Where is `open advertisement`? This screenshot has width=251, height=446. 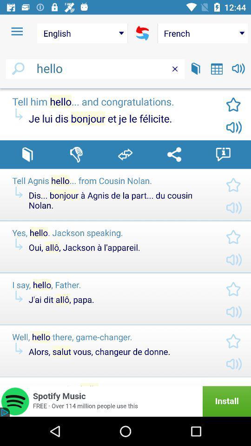
open advertisement is located at coordinates (125, 401).